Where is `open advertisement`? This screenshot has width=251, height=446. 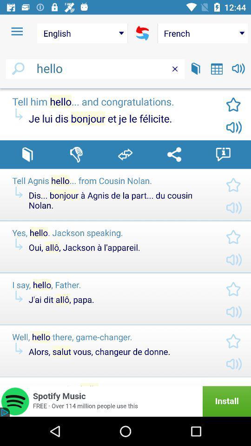
open advertisement is located at coordinates (125, 401).